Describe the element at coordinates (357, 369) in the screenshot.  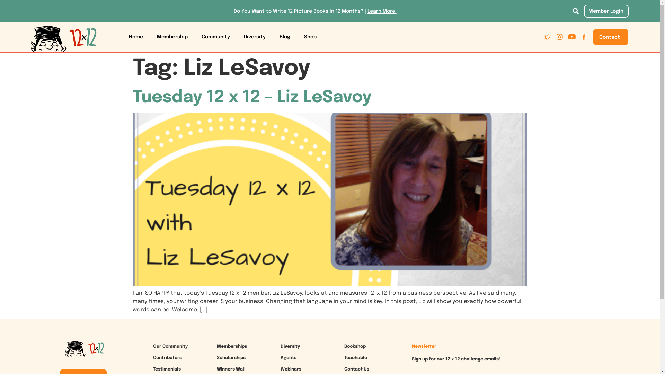
I see `'Contact Us'` at that location.